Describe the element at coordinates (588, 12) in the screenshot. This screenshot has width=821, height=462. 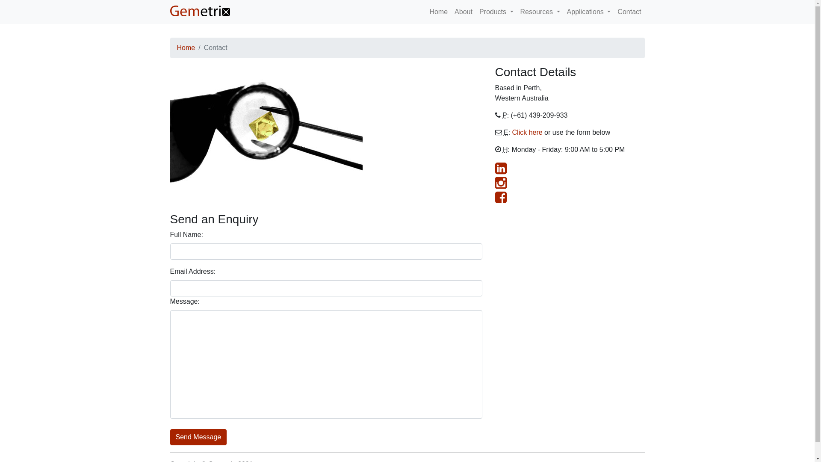
I see `'Applications'` at that location.